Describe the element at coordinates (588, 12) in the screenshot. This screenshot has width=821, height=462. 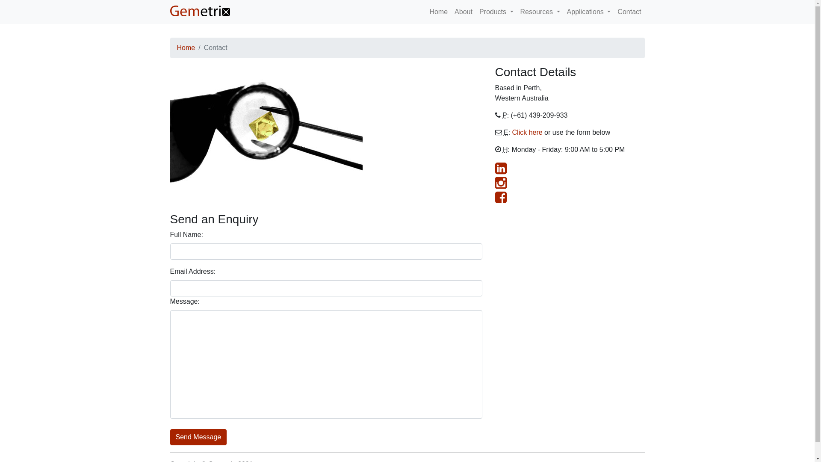
I see `'Applications'` at that location.